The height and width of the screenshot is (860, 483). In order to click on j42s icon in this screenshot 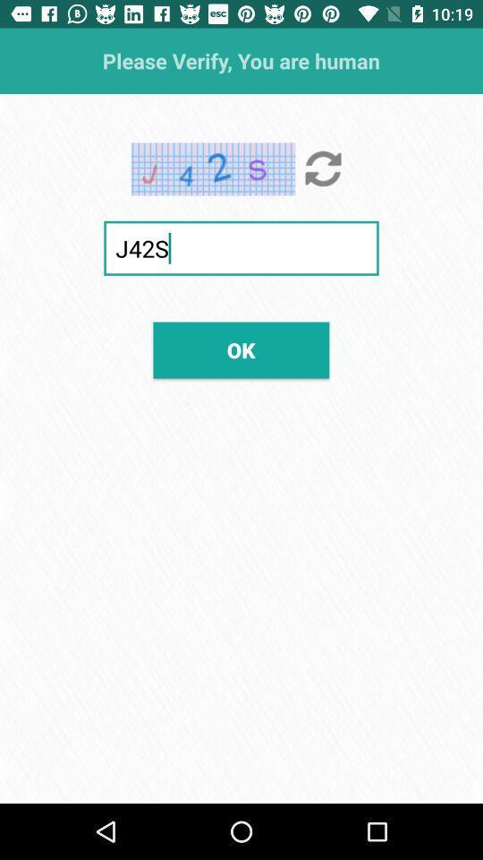, I will do `click(241, 247)`.